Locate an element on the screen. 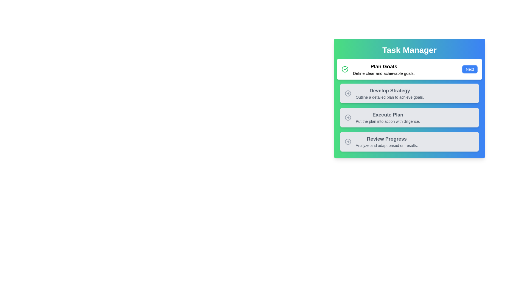 Image resolution: width=527 pixels, height=296 pixels. the navigational icon located to the left of the 'Execute Plan' text in the 'Execute Plan' section of the Task Manager is located at coordinates (347, 117).